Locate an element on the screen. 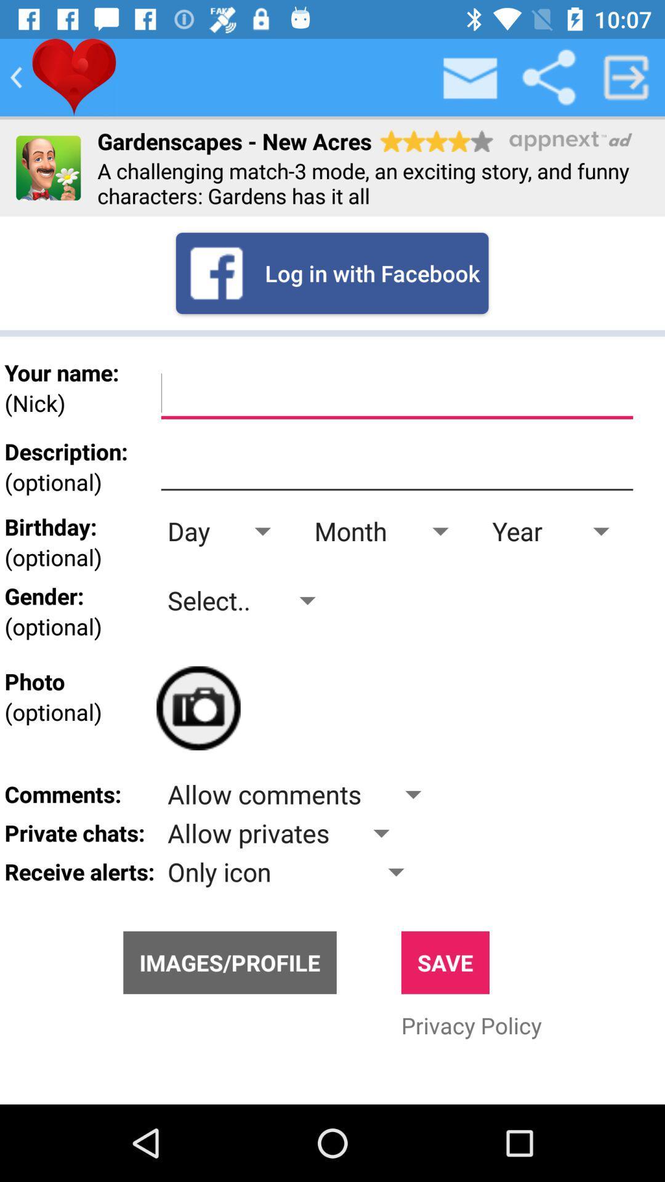  the email icon is located at coordinates (470, 76).